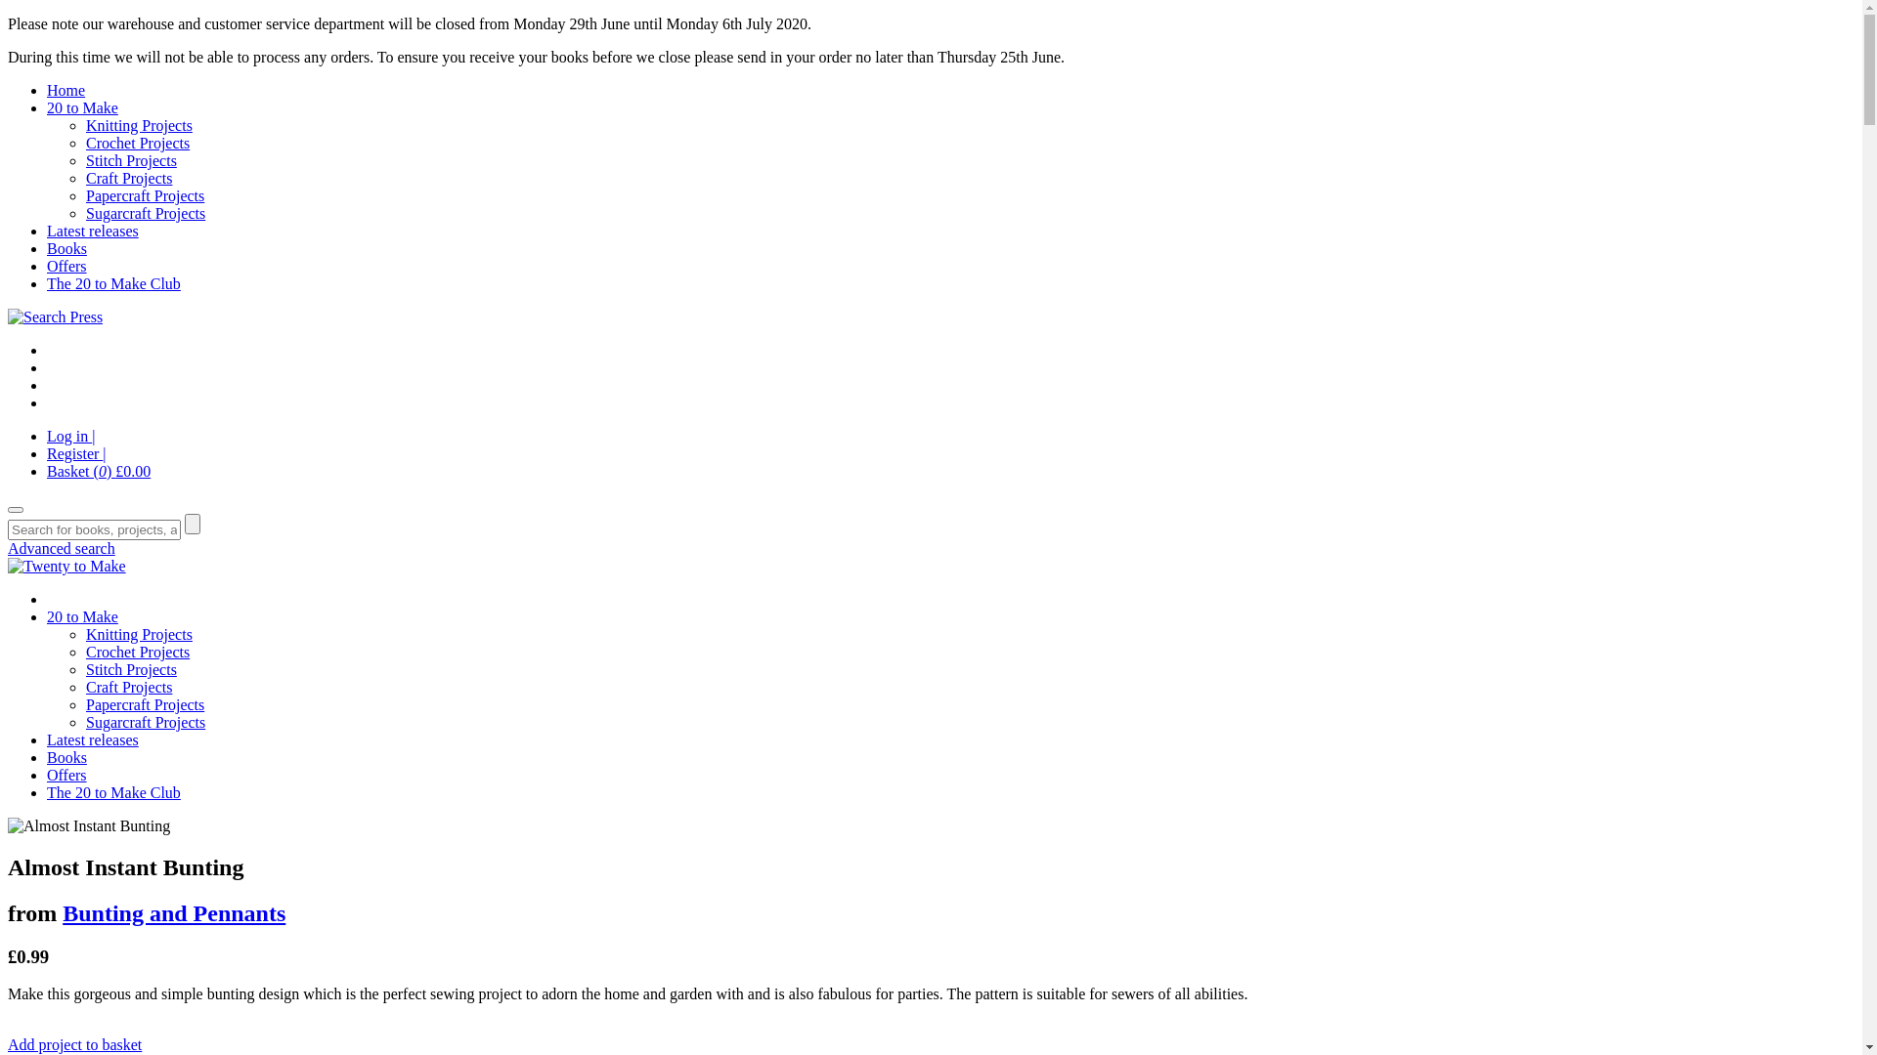 The image size is (1877, 1055). Describe the element at coordinates (112, 283) in the screenshot. I see `'The 20 to Make Club'` at that location.